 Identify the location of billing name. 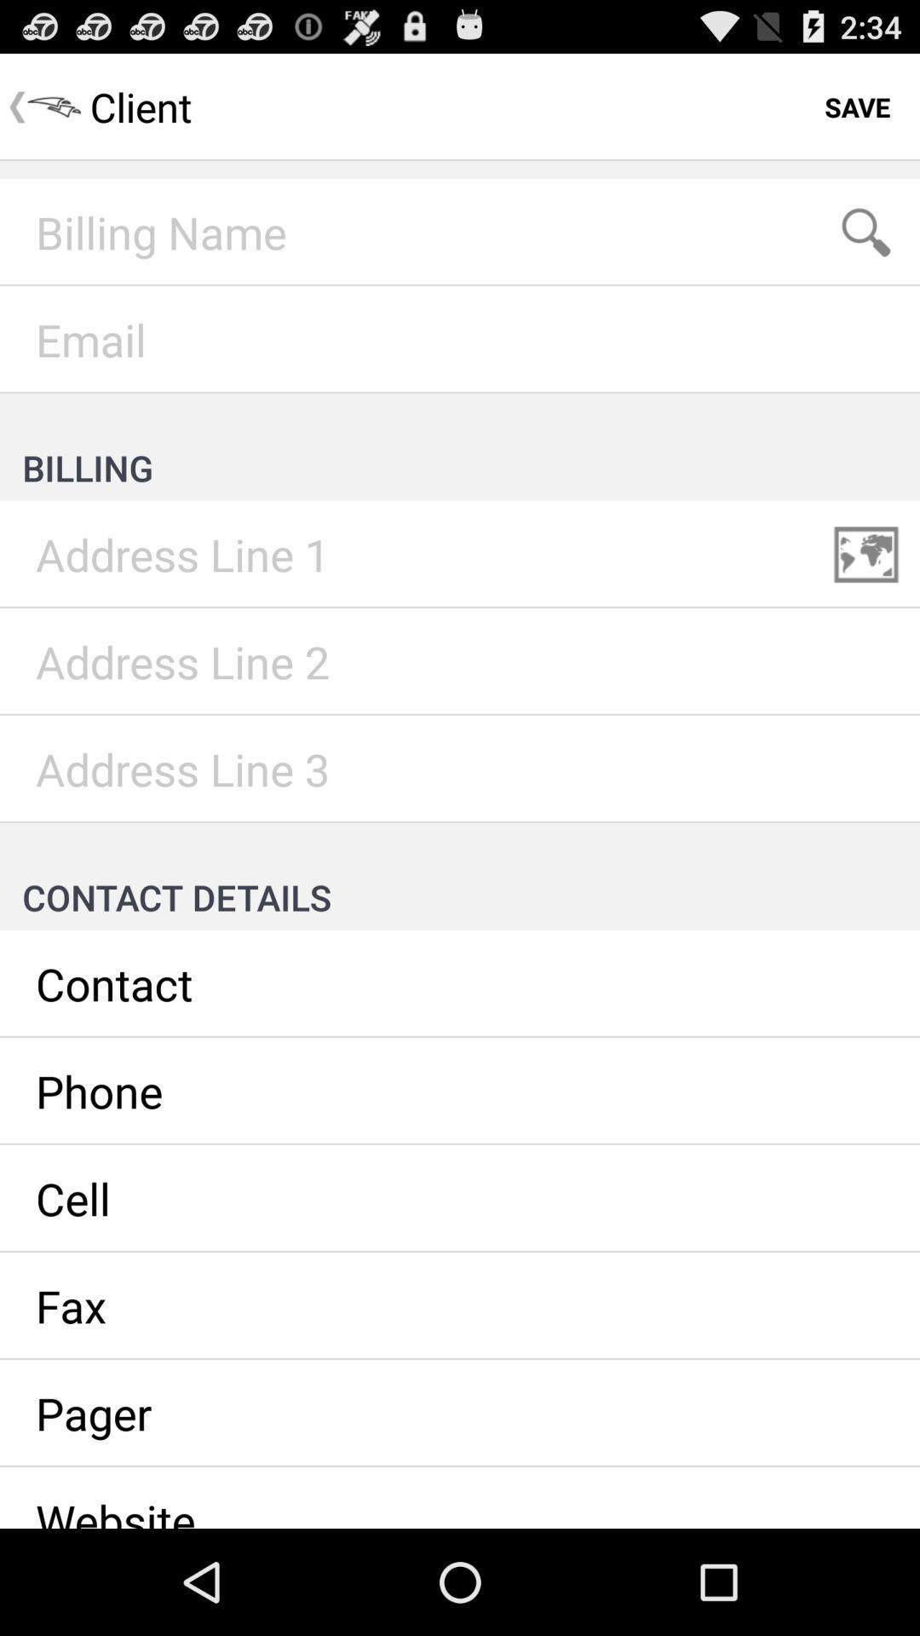
(460, 232).